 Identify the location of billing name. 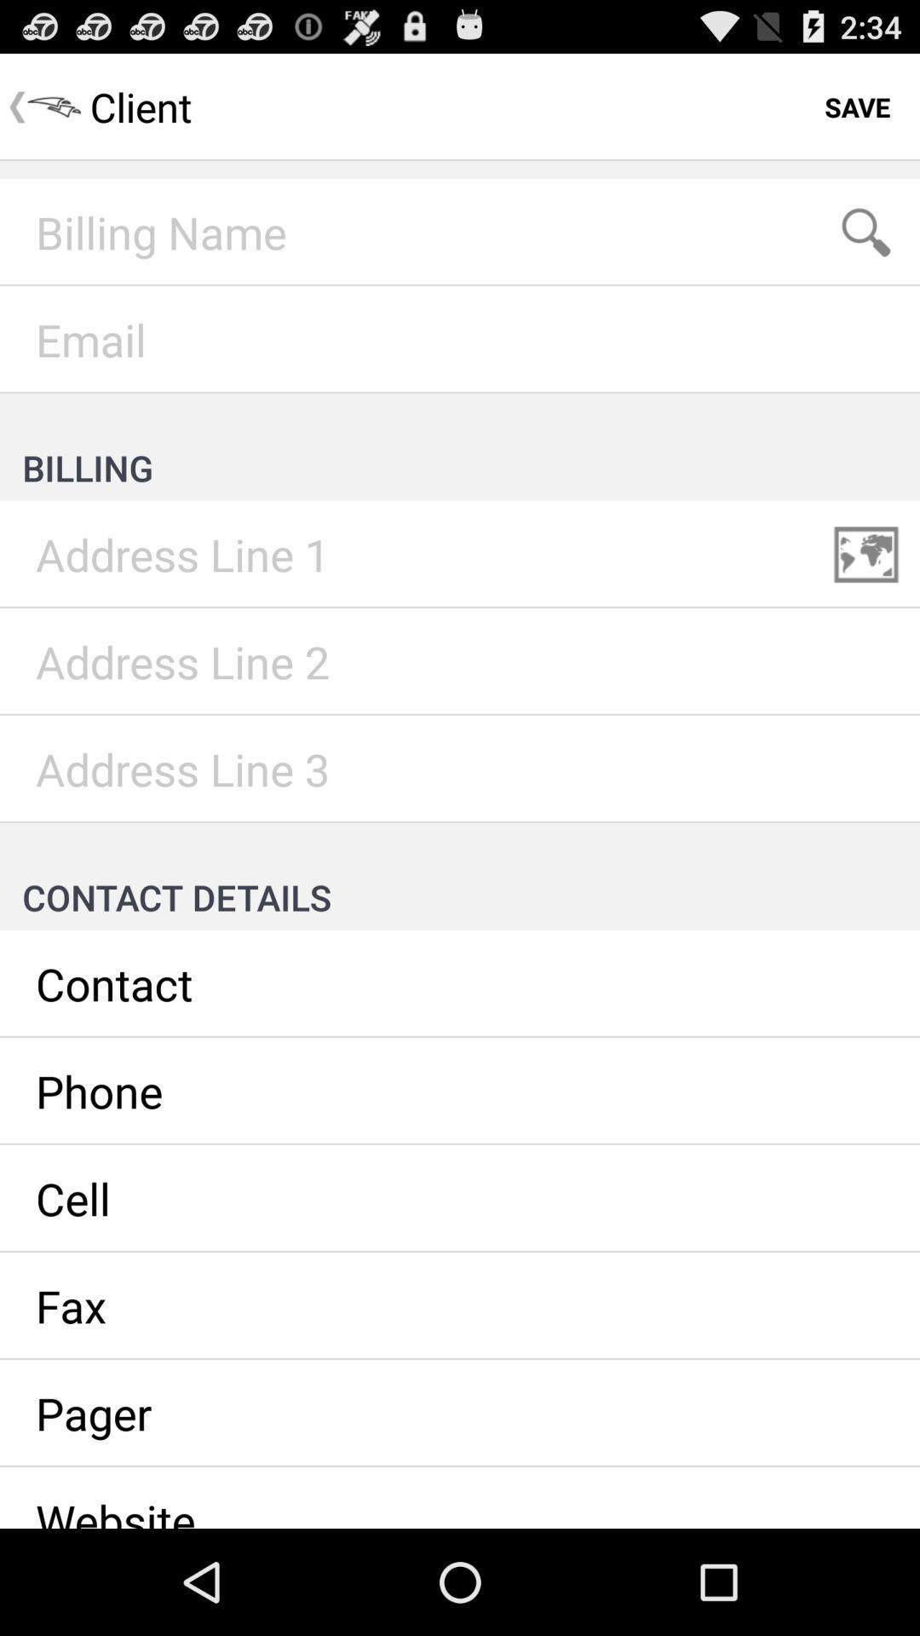
(460, 232).